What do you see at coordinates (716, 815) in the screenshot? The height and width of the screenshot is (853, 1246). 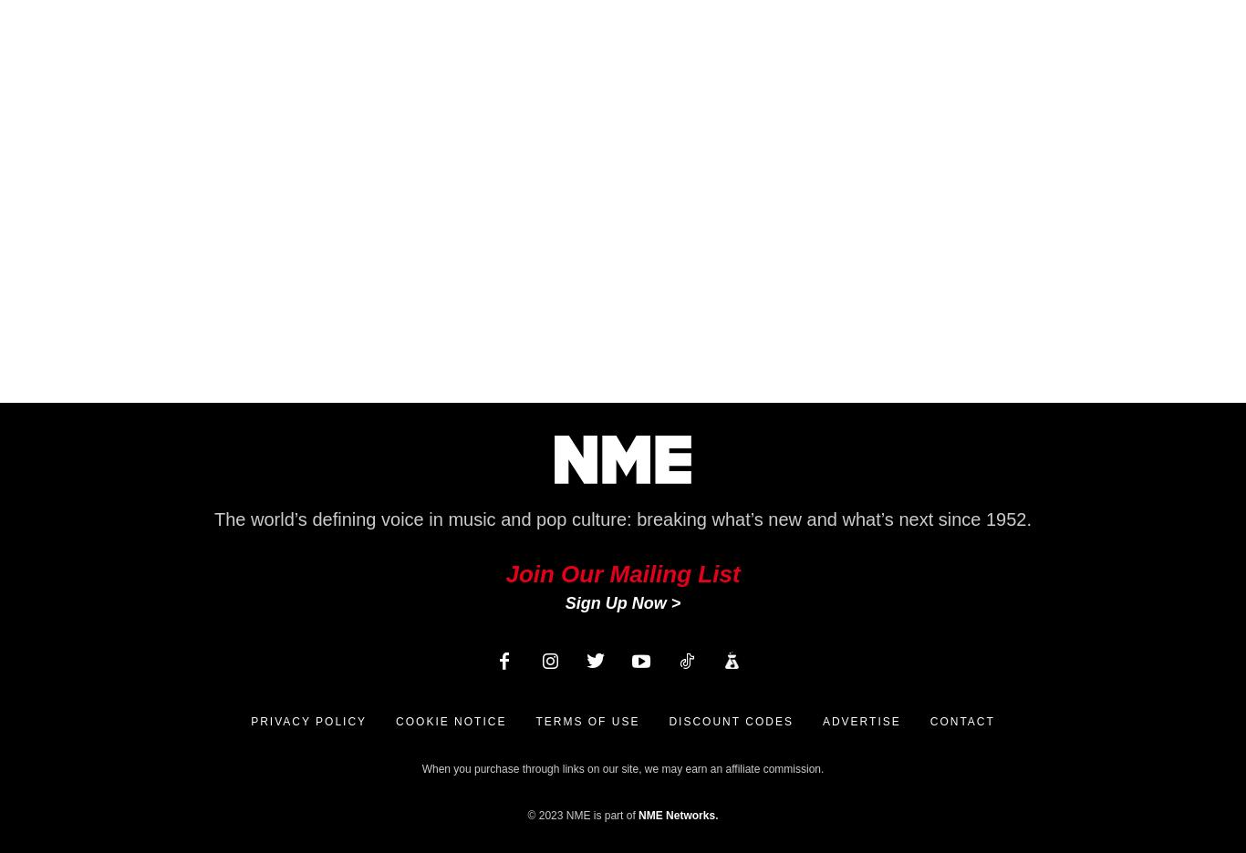 I see `'.'` at bounding box center [716, 815].